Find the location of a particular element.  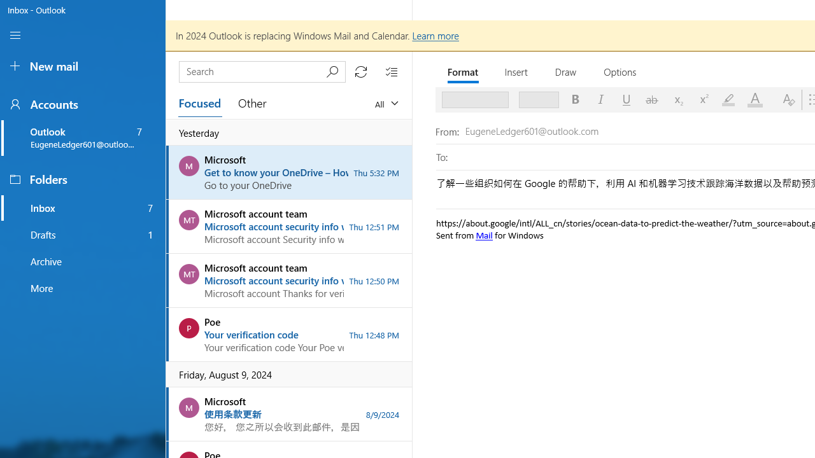

'Superscript' is located at coordinates (702, 99).